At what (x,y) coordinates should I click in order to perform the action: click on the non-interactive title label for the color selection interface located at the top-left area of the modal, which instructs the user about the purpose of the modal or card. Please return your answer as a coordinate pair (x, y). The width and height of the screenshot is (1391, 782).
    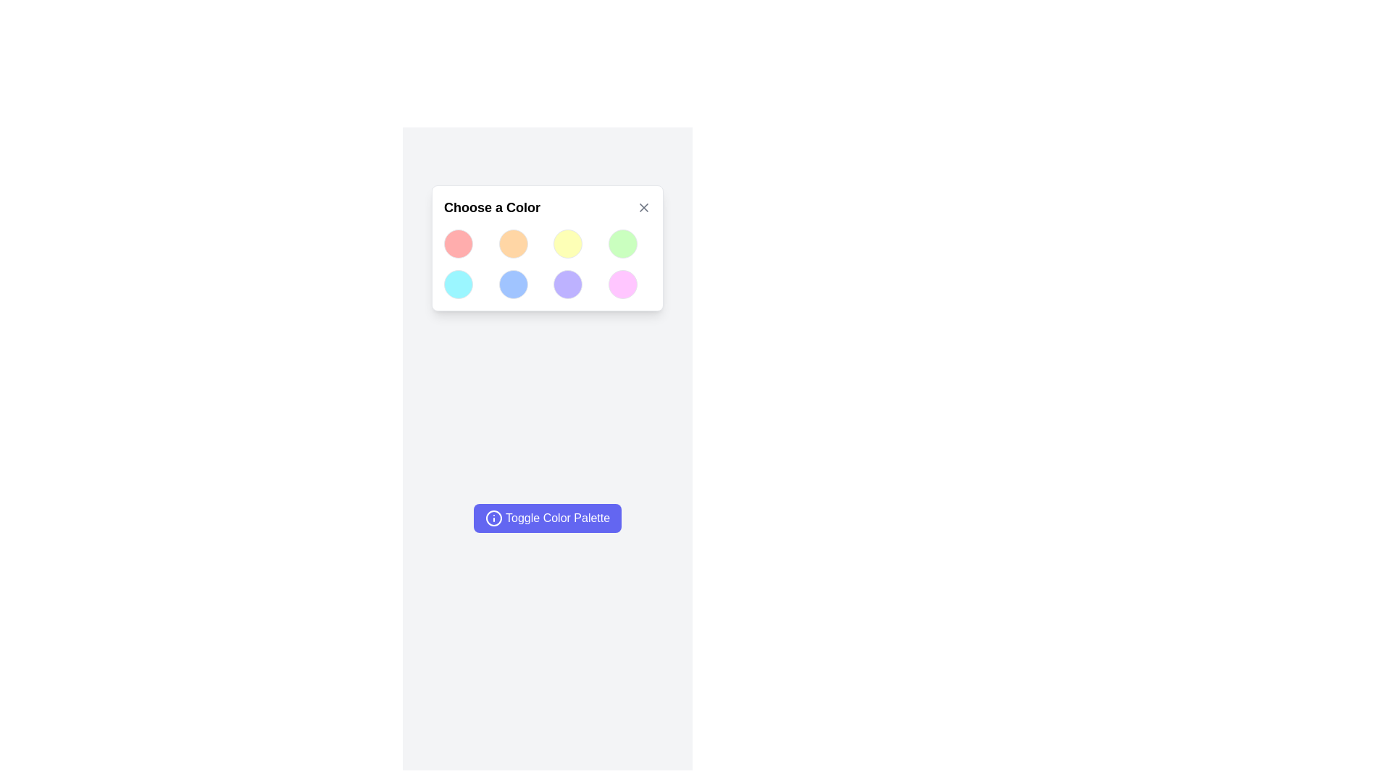
    Looking at the image, I should click on (492, 207).